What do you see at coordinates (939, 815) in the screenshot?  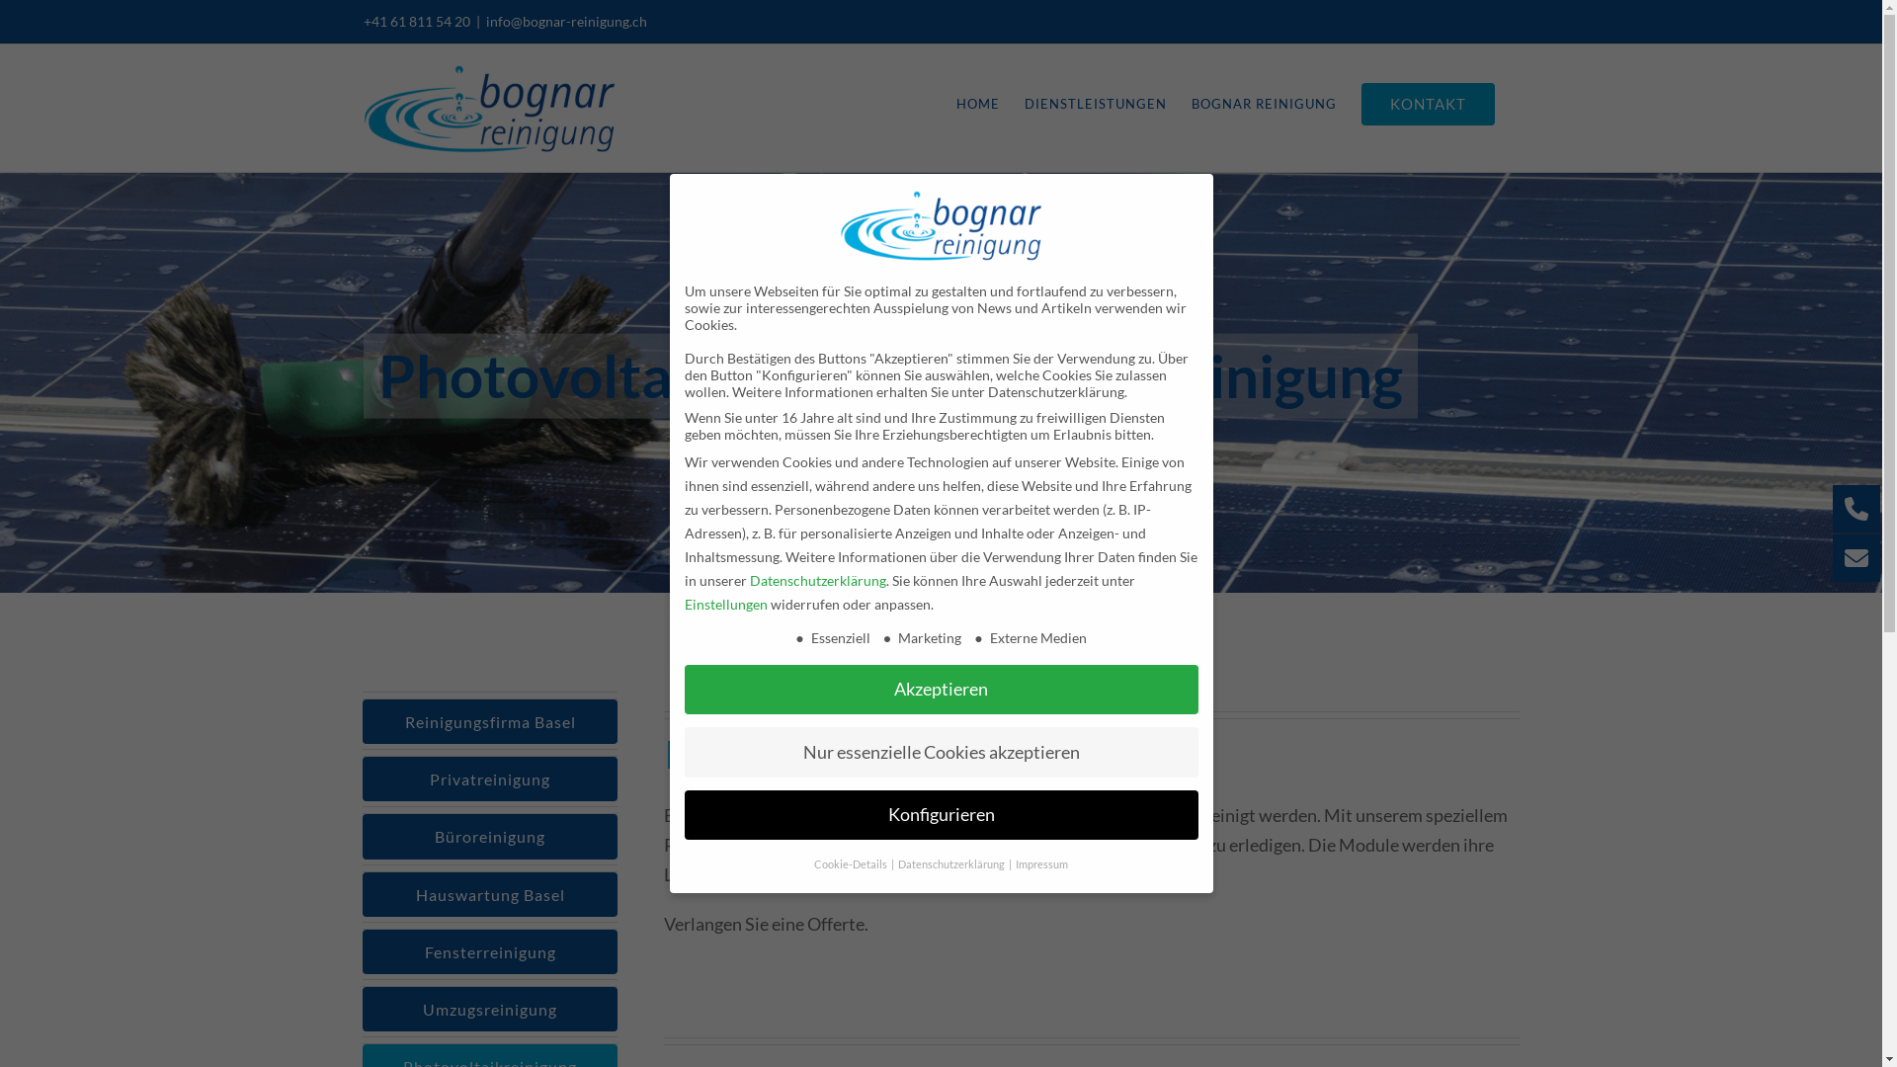 I see `'Konfigurieren'` at bounding box center [939, 815].